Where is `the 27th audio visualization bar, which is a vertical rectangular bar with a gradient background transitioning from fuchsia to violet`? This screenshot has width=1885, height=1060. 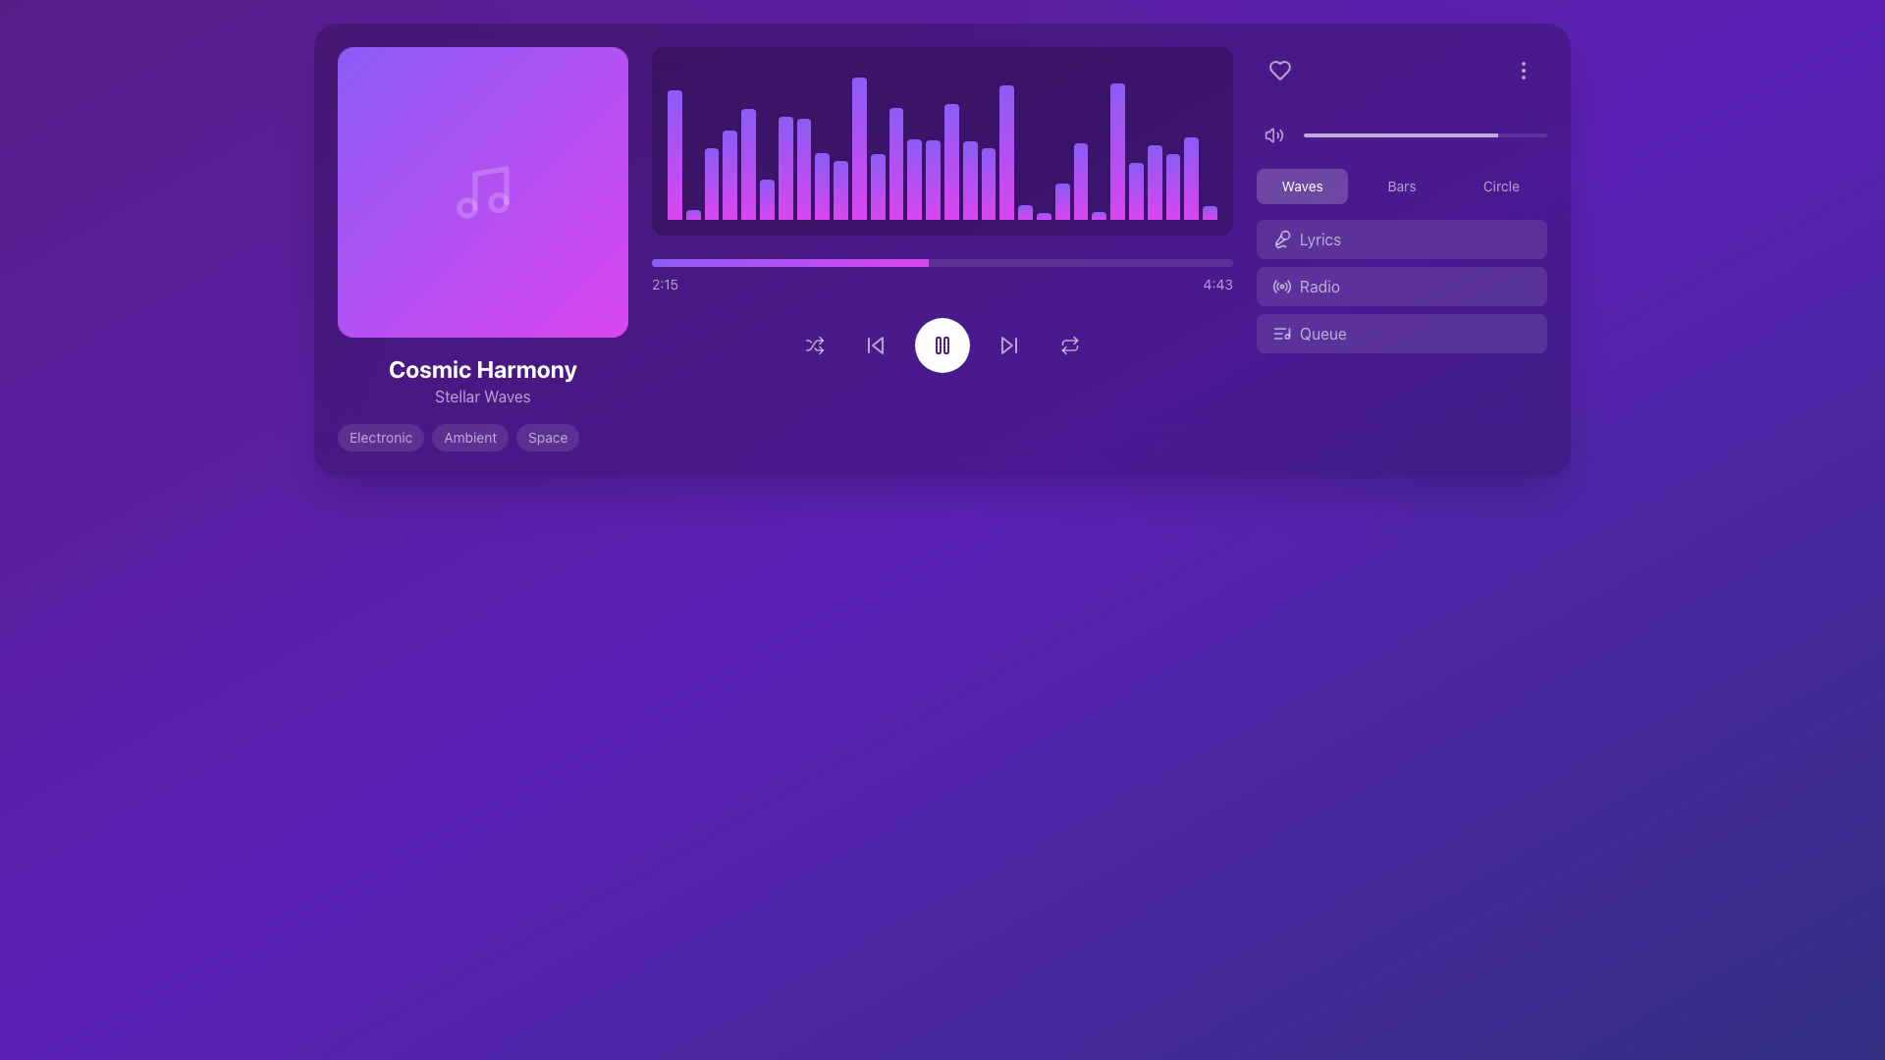 the 27th audio visualization bar, which is a vertical rectangular bar with a gradient background transitioning from fuchsia to violet is located at coordinates (1172, 186).